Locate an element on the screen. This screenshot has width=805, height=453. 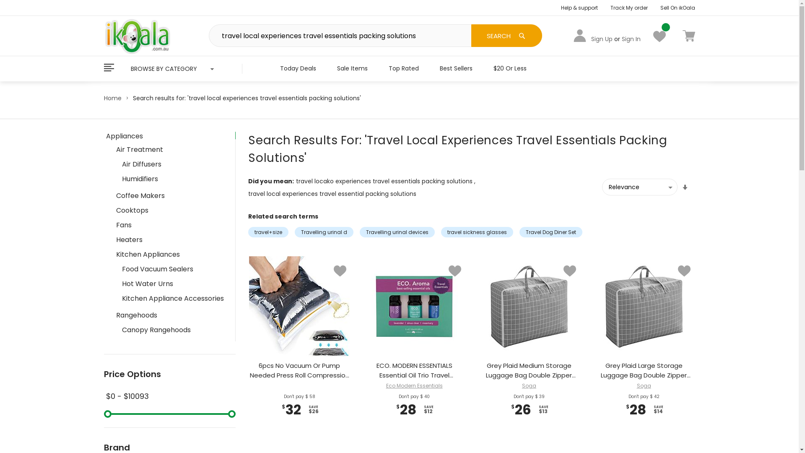
'Kitchen Appliance Accessories' is located at coordinates (117, 297).